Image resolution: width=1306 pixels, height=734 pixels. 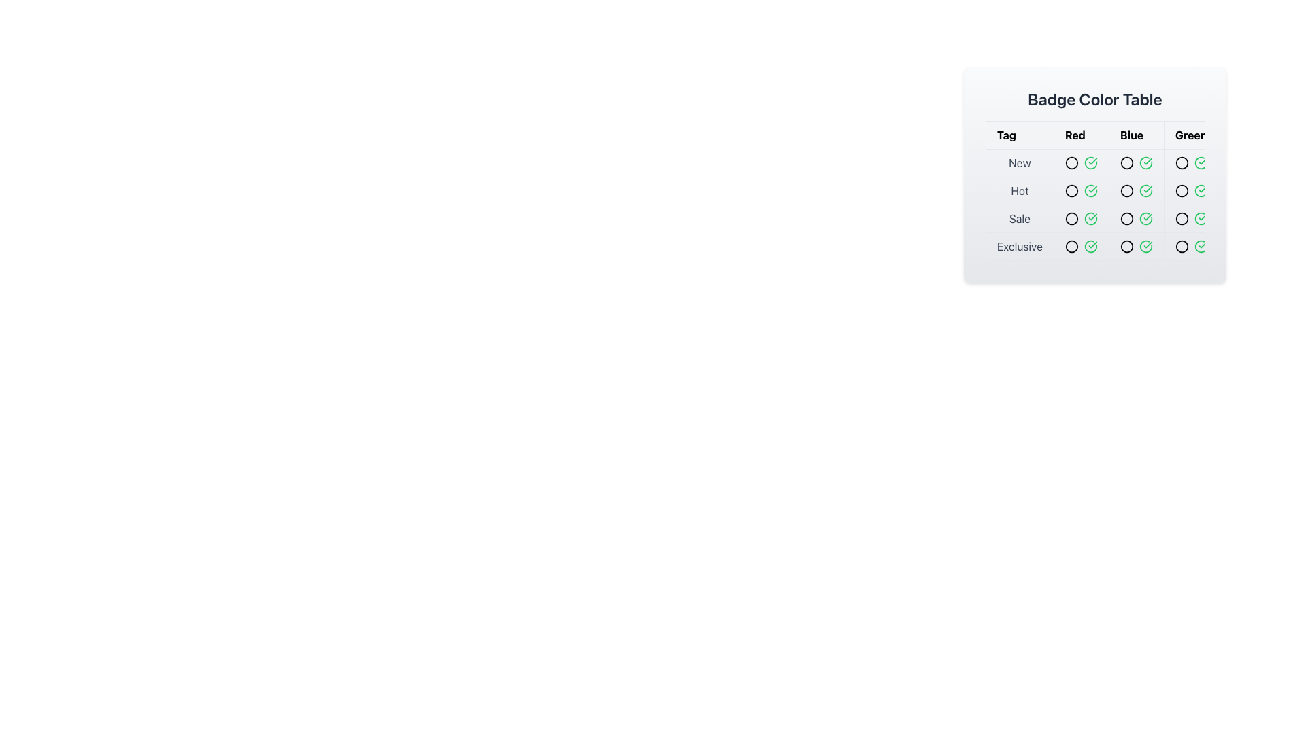 I want to click on the circular icon representing the 'Blue' badge status in the 'Sale' row of the 'Badge Color Table', so click(x=1126, y=217).